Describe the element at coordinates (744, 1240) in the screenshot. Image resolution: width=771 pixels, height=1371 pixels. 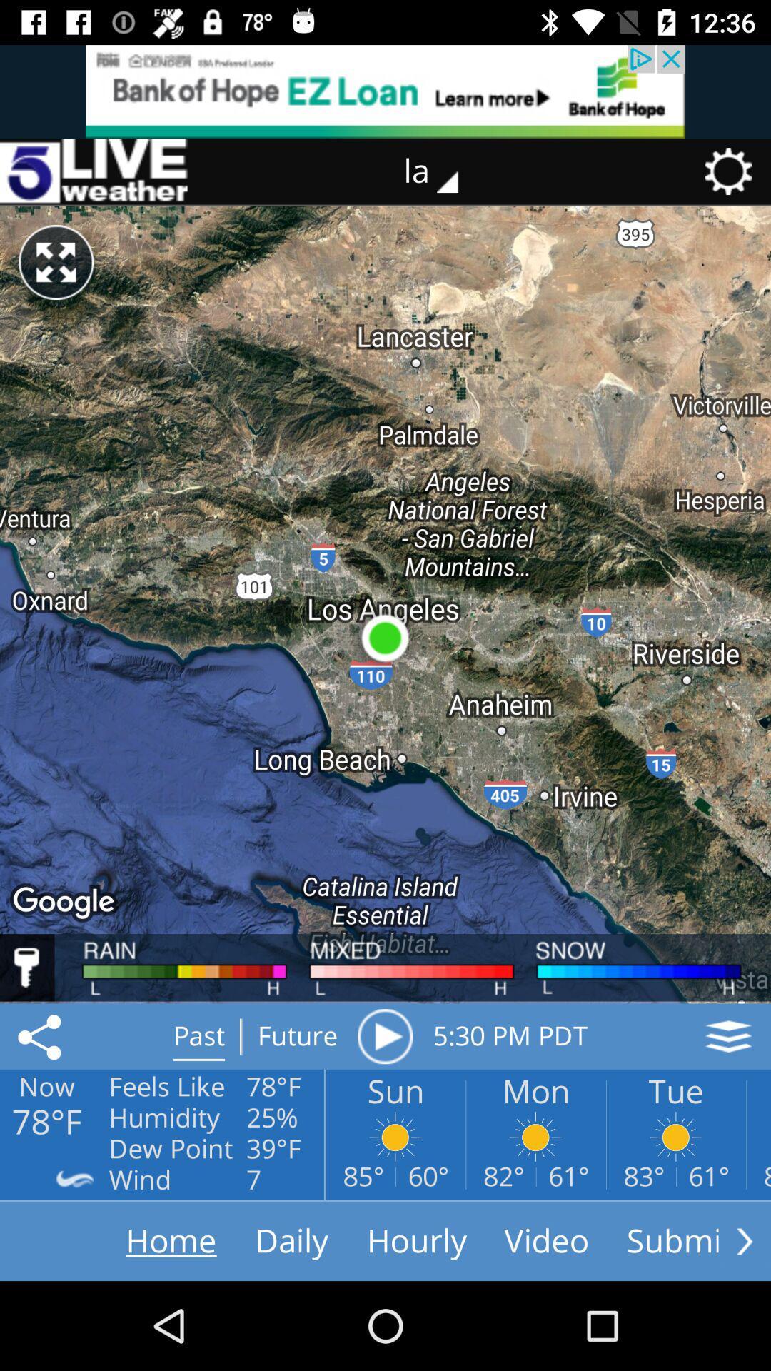
I see `the arrow_forward icon` at that location.